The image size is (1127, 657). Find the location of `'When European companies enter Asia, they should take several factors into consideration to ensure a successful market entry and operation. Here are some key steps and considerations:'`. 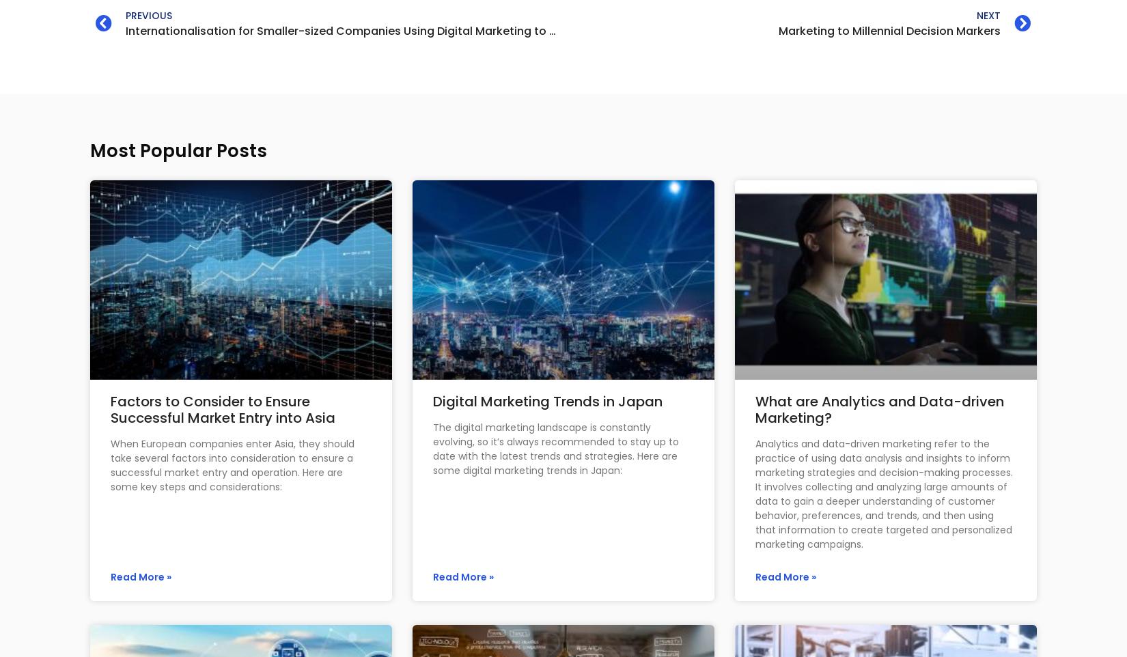

'When European companies enter Asia, they should take several factors into consideration to ensure a successful market entry and operation. Here are some key steps and considerations:' is located at coordinates (232, 464).